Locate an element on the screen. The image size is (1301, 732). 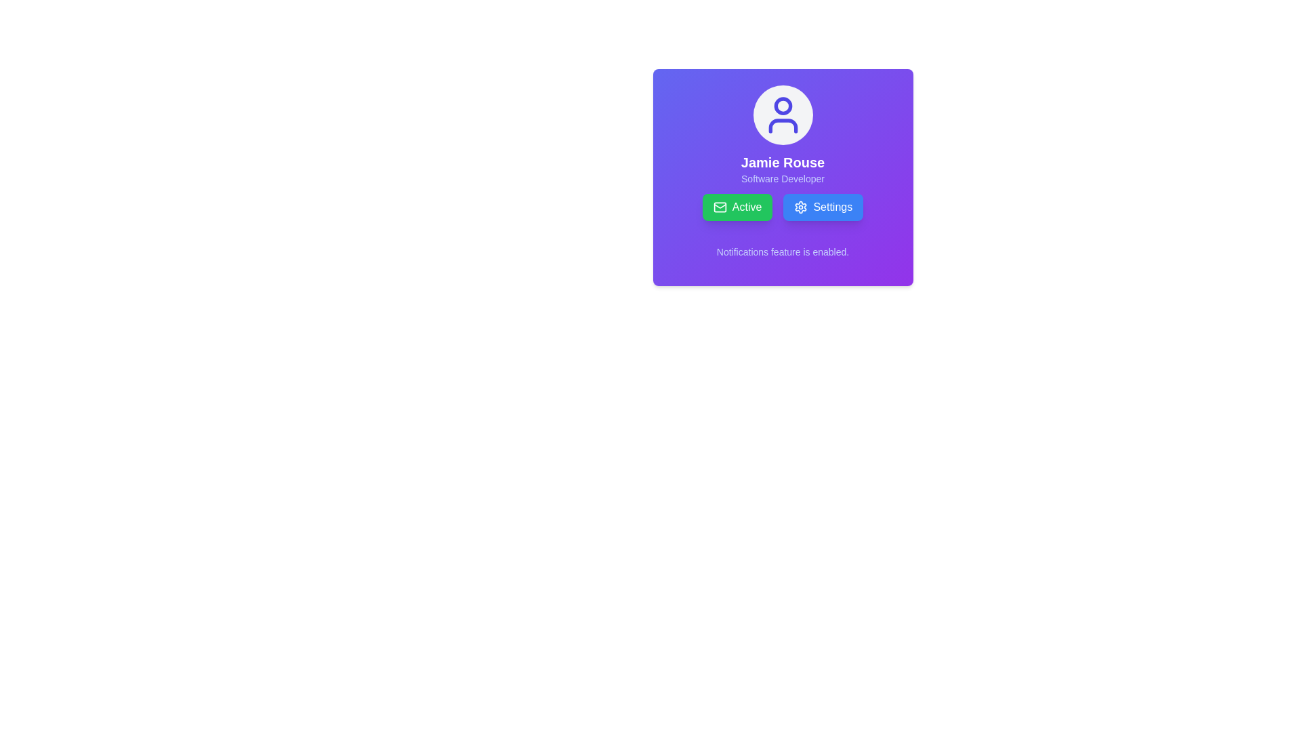
the blue rounded rectangular button labeled 'Settings' is located at coordinates (823, 207).